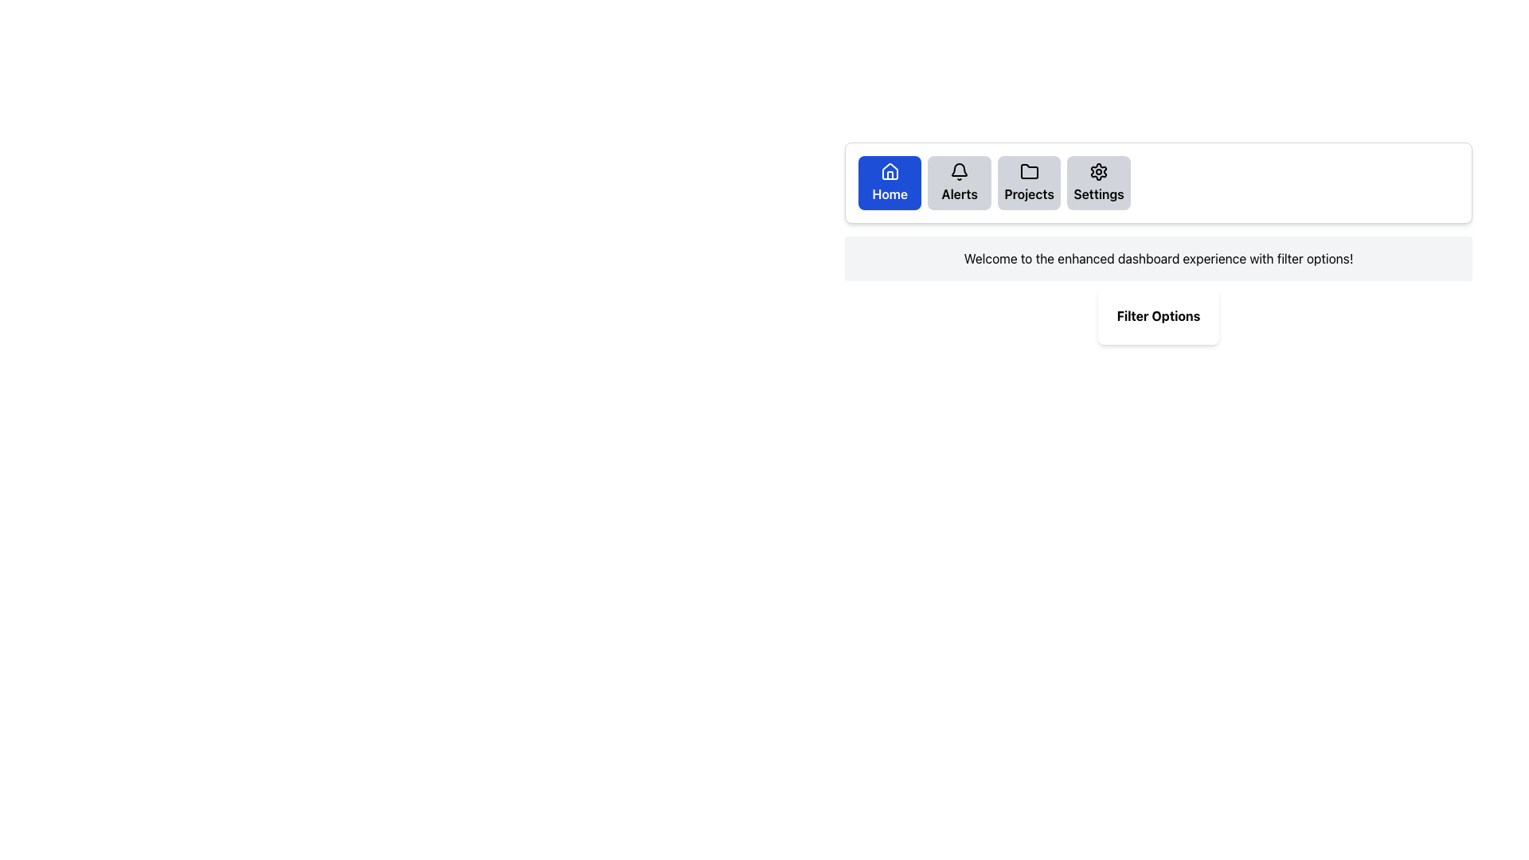 The height and width of the screenshot is (860, 1529). Describe the element at coordinates (1098, 172) in the screenshot. I see `the gear icon in the top-right section of the horizontal navigation bar` at that location.